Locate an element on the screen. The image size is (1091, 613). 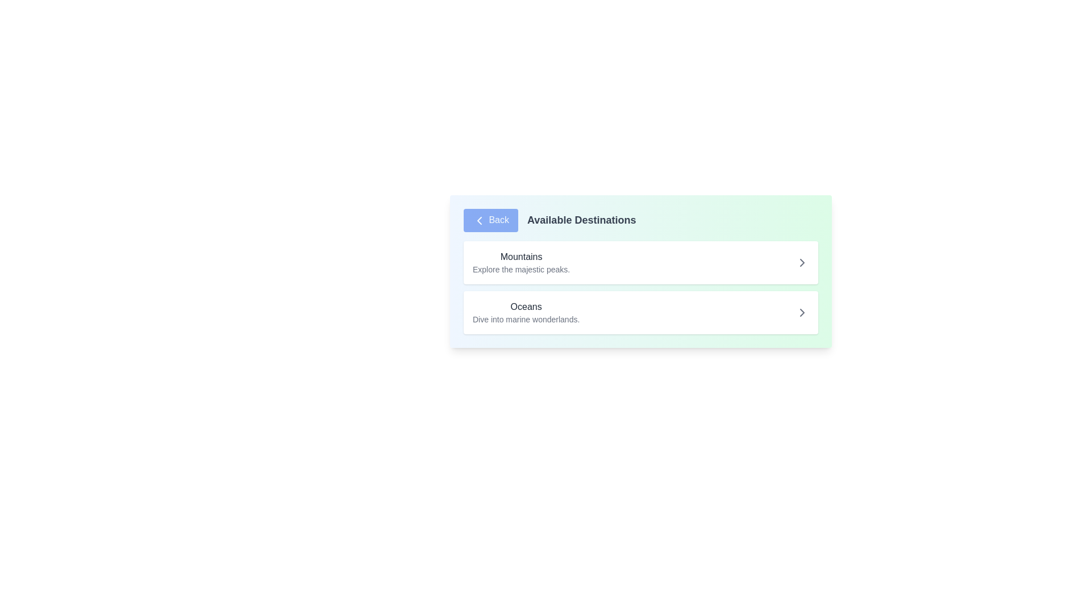
the Text label that serves as a title or heading for a section, which categorizes or identifies the content that follows is located at coordinates (520, 257).